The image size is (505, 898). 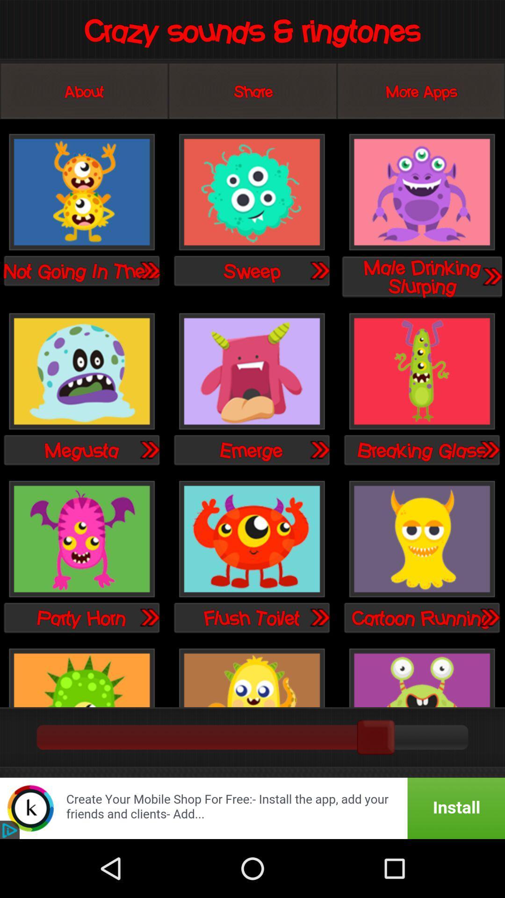 What do you see at coordinates (319, 449) in the screenshot?
I see `sound emerge` at bounding box center [319, 449].